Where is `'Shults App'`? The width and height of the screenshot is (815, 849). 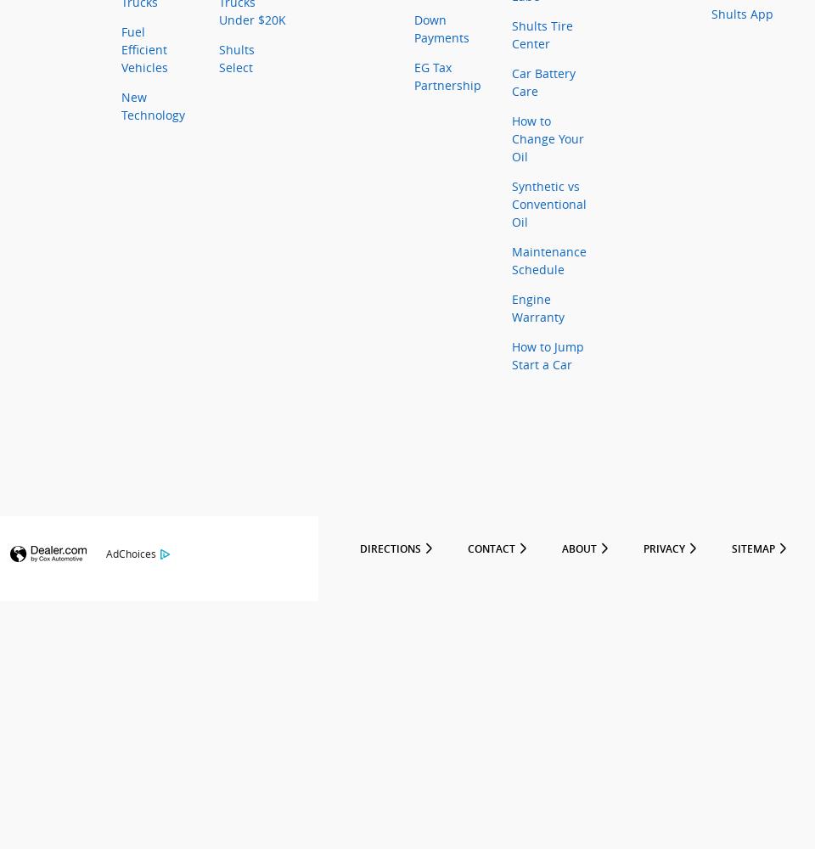
'Shults App' is located at coordinates (741, 14).